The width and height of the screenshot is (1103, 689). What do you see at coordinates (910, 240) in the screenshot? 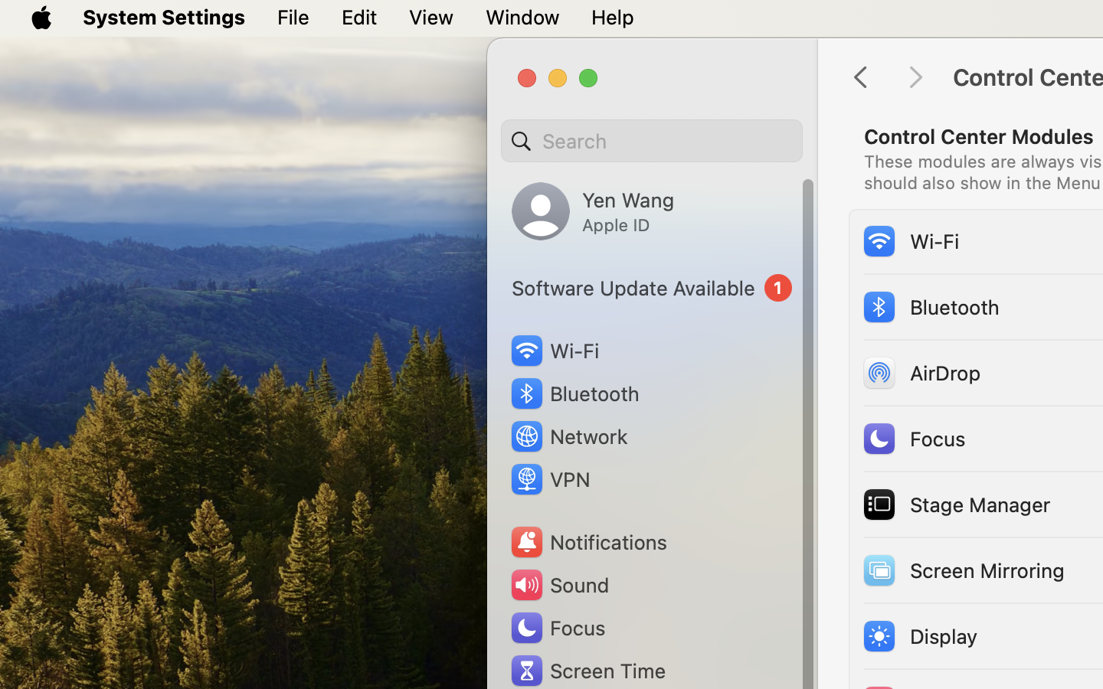
I see `'Wi‑Fi'` at bounding box center [910, 240].